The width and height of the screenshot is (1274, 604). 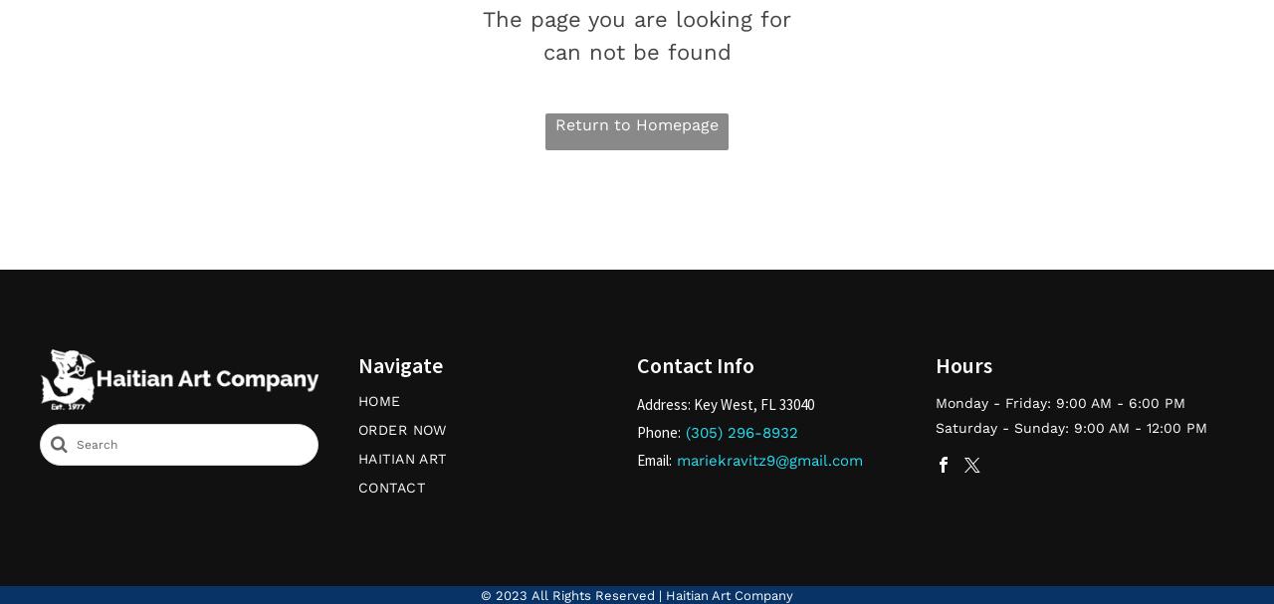 What do you see at coordinates (963, 364) in the screenshot?
I see `'Hours'` at bounding box center [963, 364].